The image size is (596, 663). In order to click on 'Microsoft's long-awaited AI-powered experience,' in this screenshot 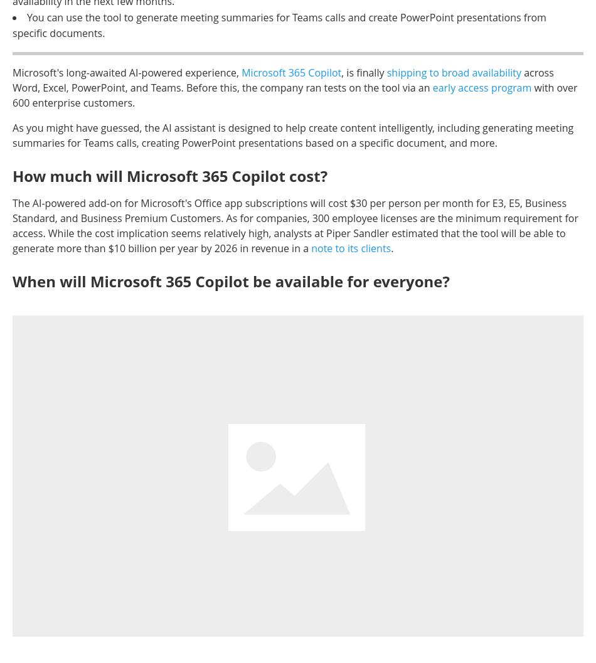, I will do `click(127, 72)`.